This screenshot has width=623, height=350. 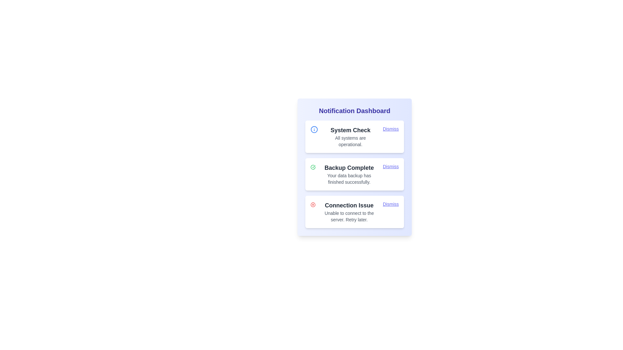 I want to click on the static text element that serves as the title or header for the notification section, located at the top of the notification card, so click(x=354, y=111).